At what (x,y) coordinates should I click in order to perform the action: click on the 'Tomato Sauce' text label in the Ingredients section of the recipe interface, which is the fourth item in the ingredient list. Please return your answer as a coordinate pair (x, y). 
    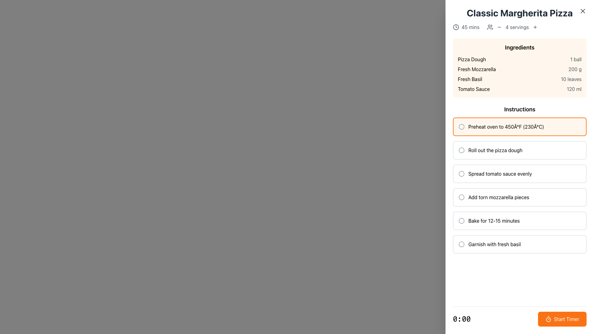
    Looking at the image, I should click on (473, 89).